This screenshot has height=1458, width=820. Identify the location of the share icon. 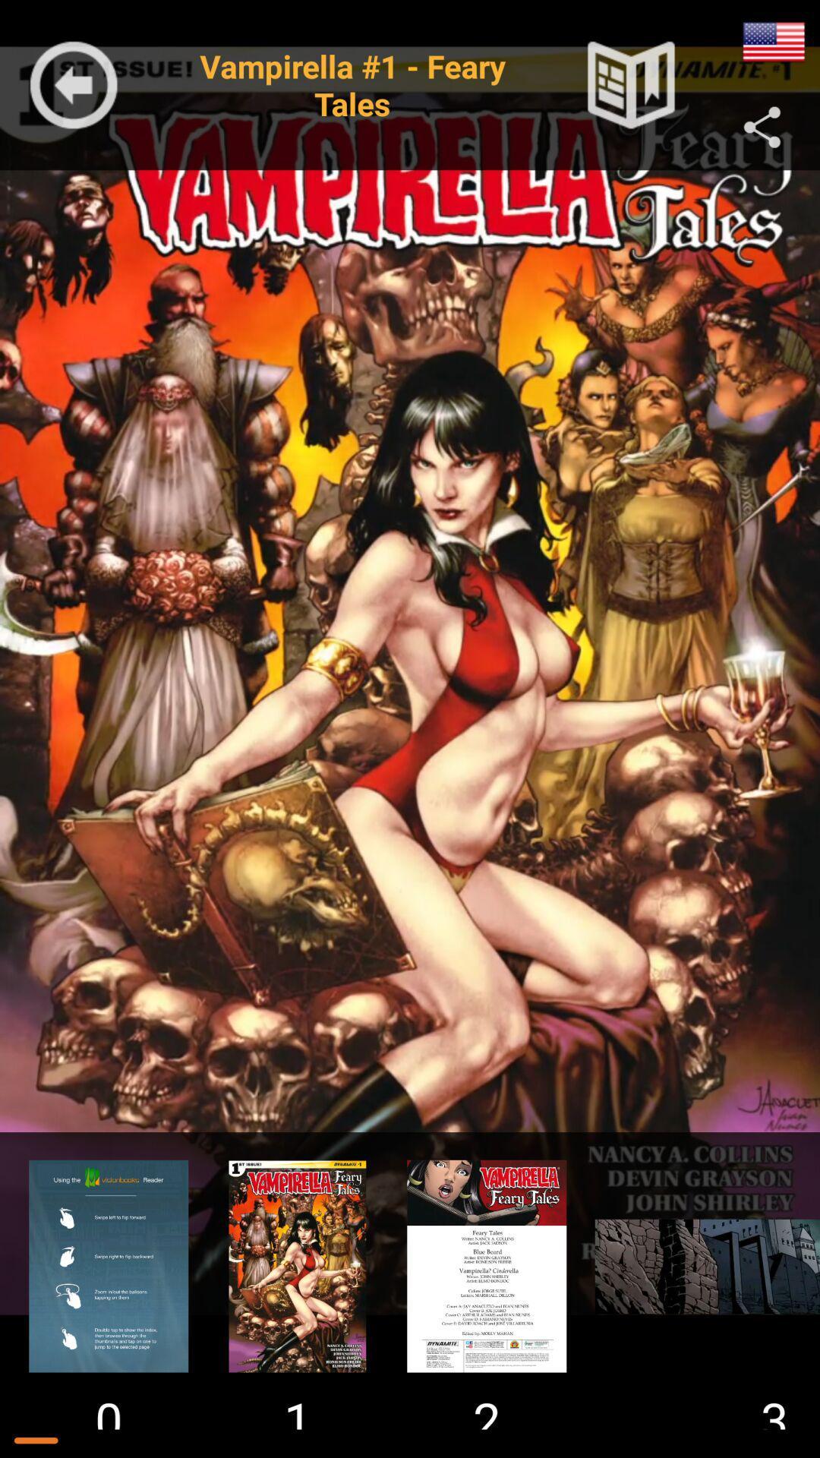
(762, 128).